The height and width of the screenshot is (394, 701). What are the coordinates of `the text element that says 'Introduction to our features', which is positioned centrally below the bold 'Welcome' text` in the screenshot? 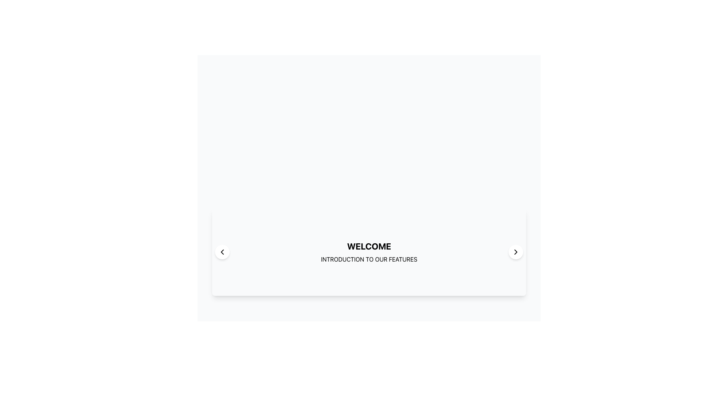 It's located at (369, 259).